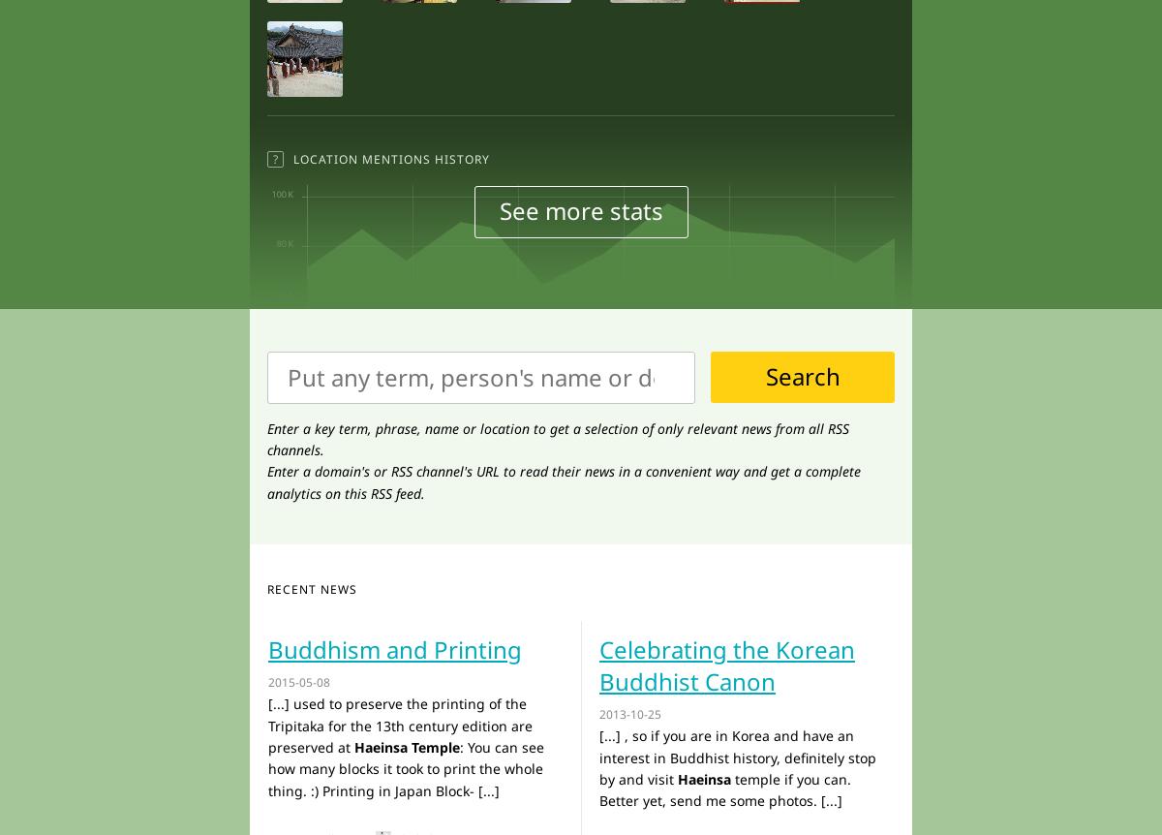  Describe the element at coordinates (579, 209) in the screenshot. I see `'See more stats'` at that location.